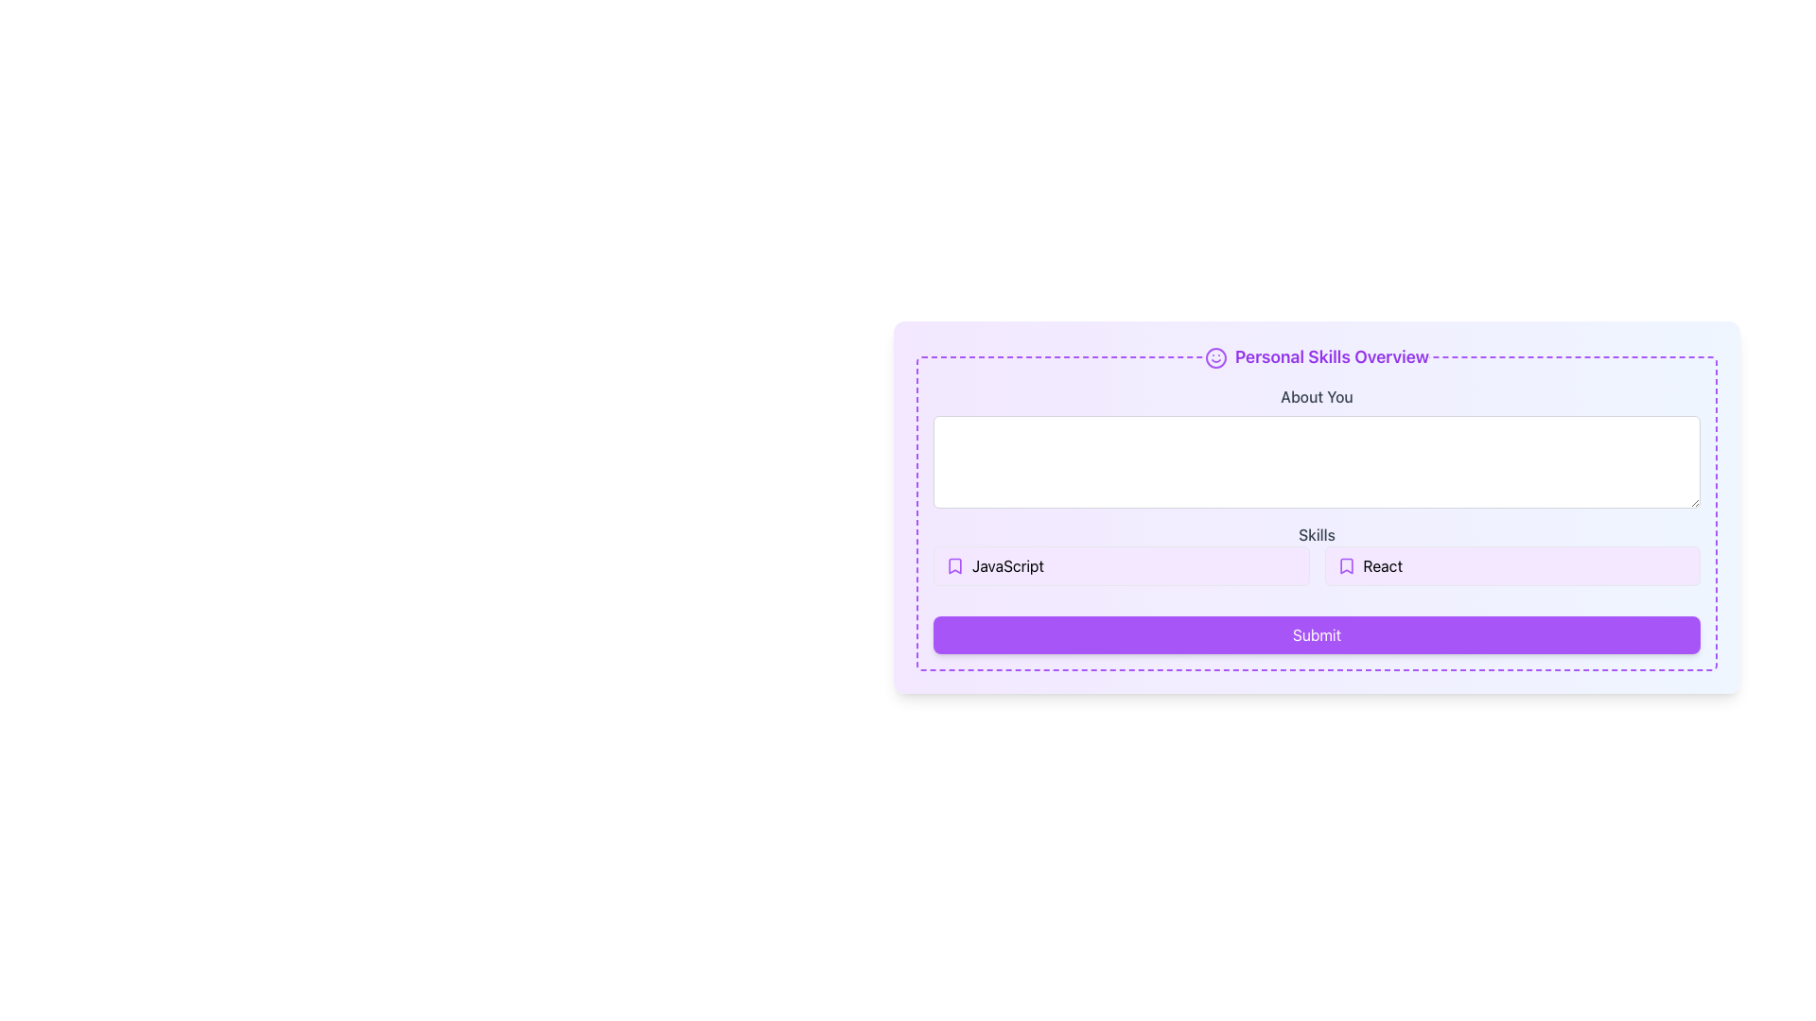 Image resolution: width=1816 pixels, height=1021 pixels. Describe the element at coordinates (1345, 564) in the screenshot. I see `the purple bookmark icon located to the left of the 'React' text within the rounded rectangular button in the Skills section` at that location.